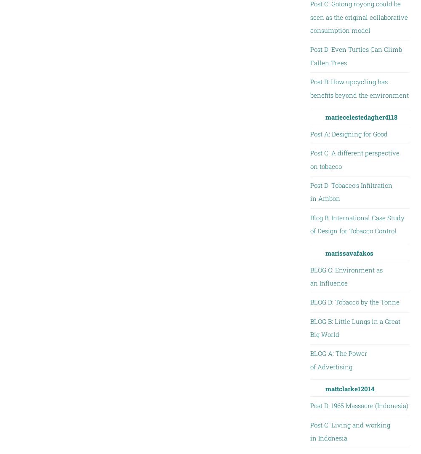 This screenshot has width=421, height=454. Describe the element at coordinates (346, 275) in the screenshot. I see `'BLOG C: Environment as an Influence'` at that location.